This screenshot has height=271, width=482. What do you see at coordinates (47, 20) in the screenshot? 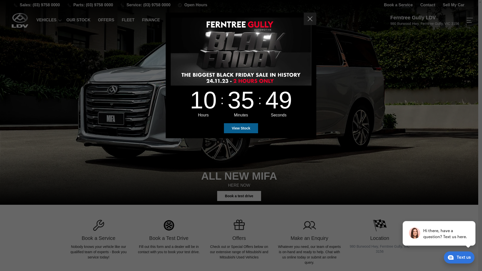
I see `'VEHICLES` at bounding box center [47, 20].